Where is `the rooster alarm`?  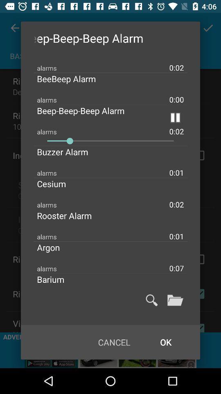 the rooster alarm is located at coordinates (71, 215).